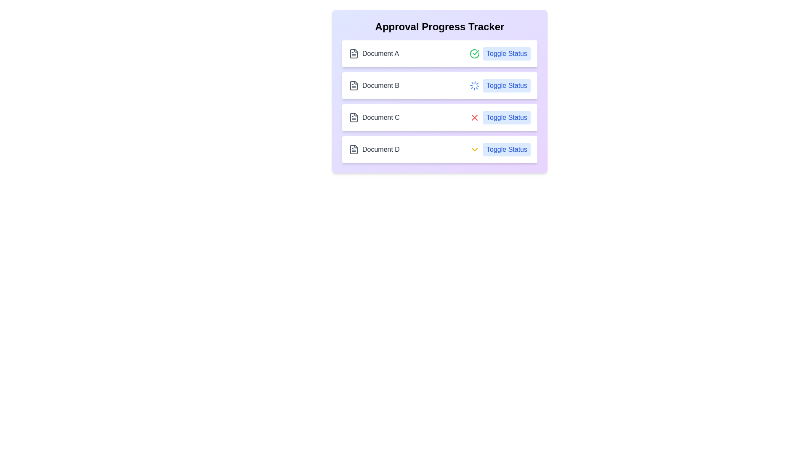 Image resolution: width=808 pixels, height=454 pixels. I want to click on the 'Toggle Status' button with a blue background and rounded edges, located in the fourth row of the 'Approval Progress Tracker' panel, aligned with 'Document D', so click(500, 149).